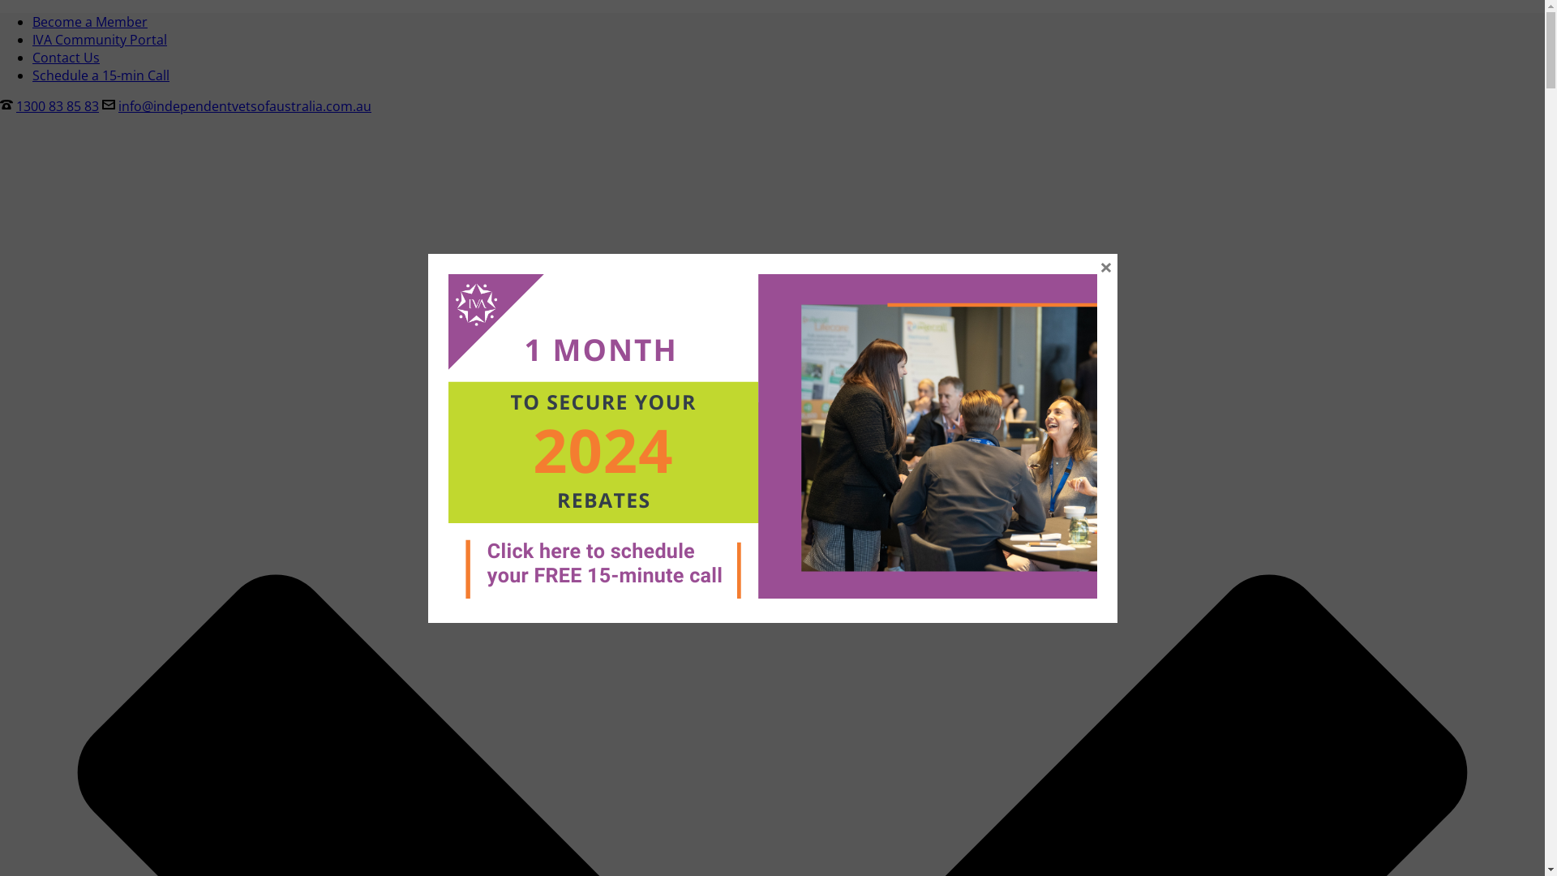 The image size is (1557, 876). Describe the element at coordinates (100, 75) in the screenshot. I see `'Schedule a 15-min Call'` at that location.